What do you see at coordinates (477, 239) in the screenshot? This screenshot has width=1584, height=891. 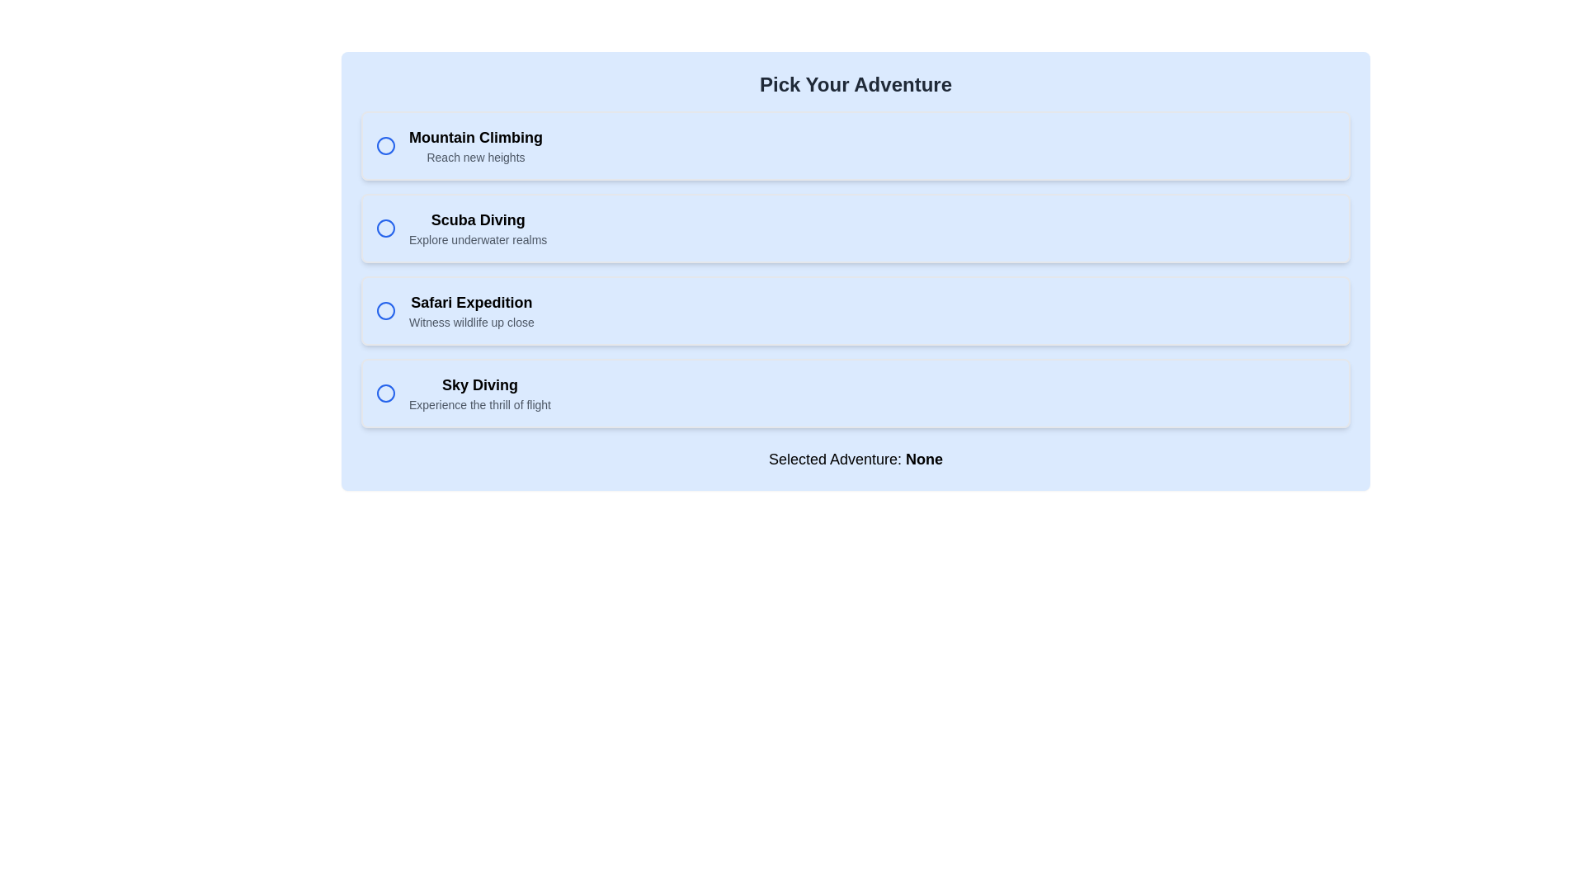 I see `the text label 'Explore underwater realms' which is styled in gray and positioned below 'Scuba Diving' in the selection menu` at bounding box center [477, 239].